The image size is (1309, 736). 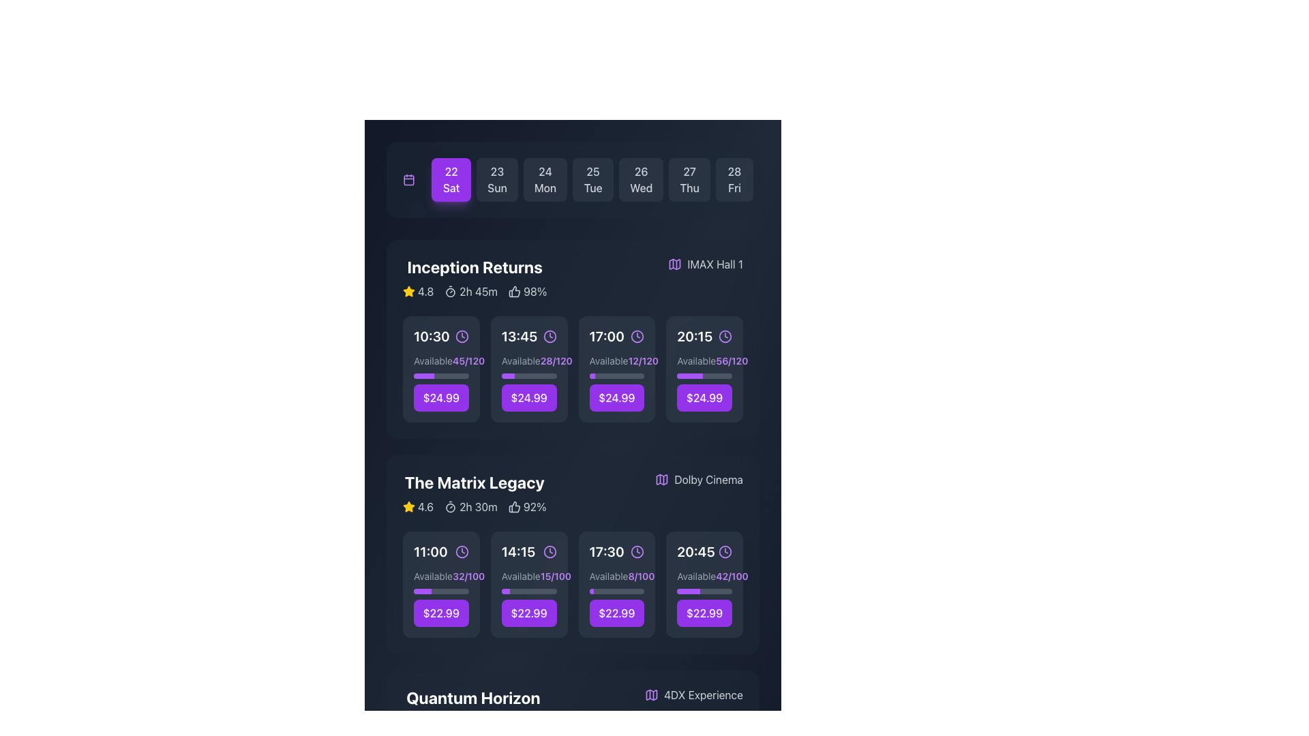 I want to click on the button labeled '27 Thu' which is the sixth button in a horizontal row, positioned between '26 Wed' and '28 Fri', so click(x=689, y=179).